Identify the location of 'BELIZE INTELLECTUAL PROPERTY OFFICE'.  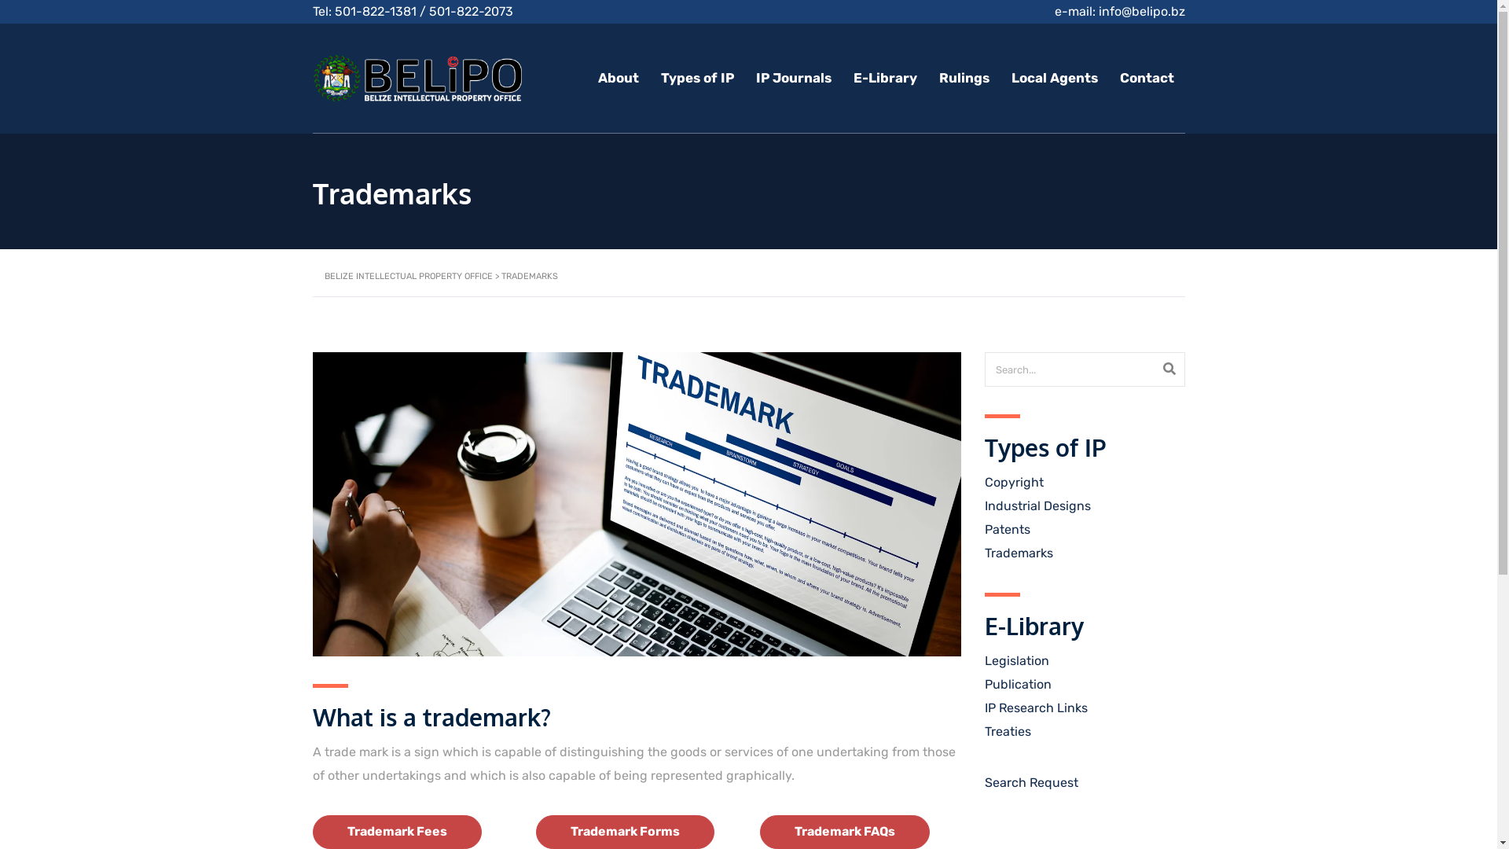
(323, 275).